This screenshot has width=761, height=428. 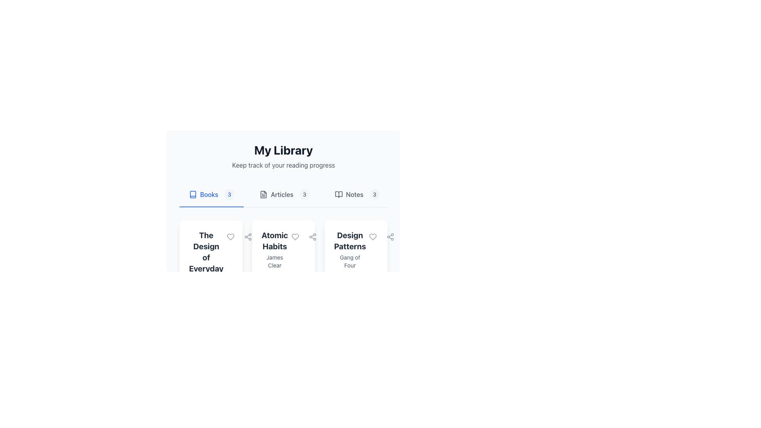 I want to click on the small share icon, characterized by three connected circles forming a triangular shape, located in the top-right corner of the third card section under the 'Design Patterns' book, so click(x=390, y=236).